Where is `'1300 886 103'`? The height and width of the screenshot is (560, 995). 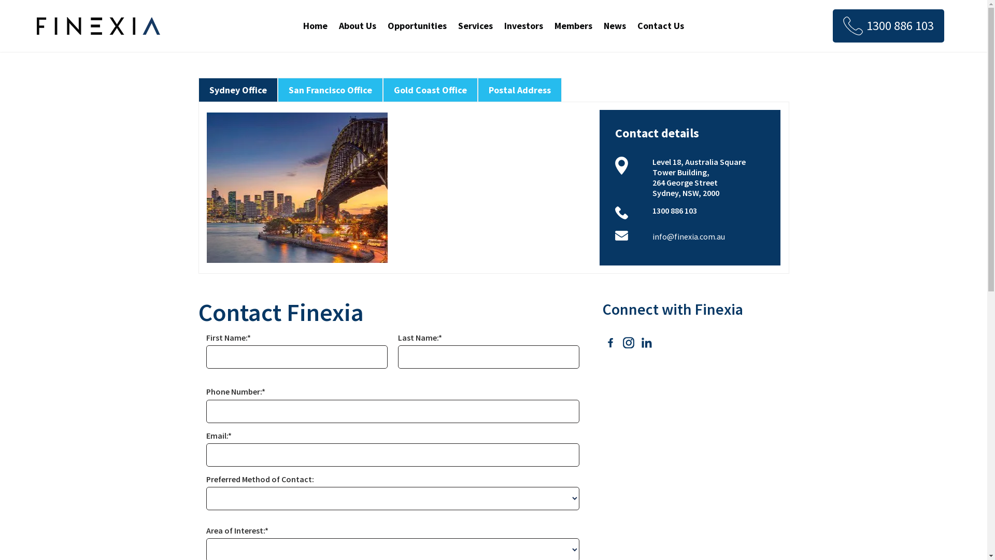 '1300 886 103' is located at coordinates (674, 210).